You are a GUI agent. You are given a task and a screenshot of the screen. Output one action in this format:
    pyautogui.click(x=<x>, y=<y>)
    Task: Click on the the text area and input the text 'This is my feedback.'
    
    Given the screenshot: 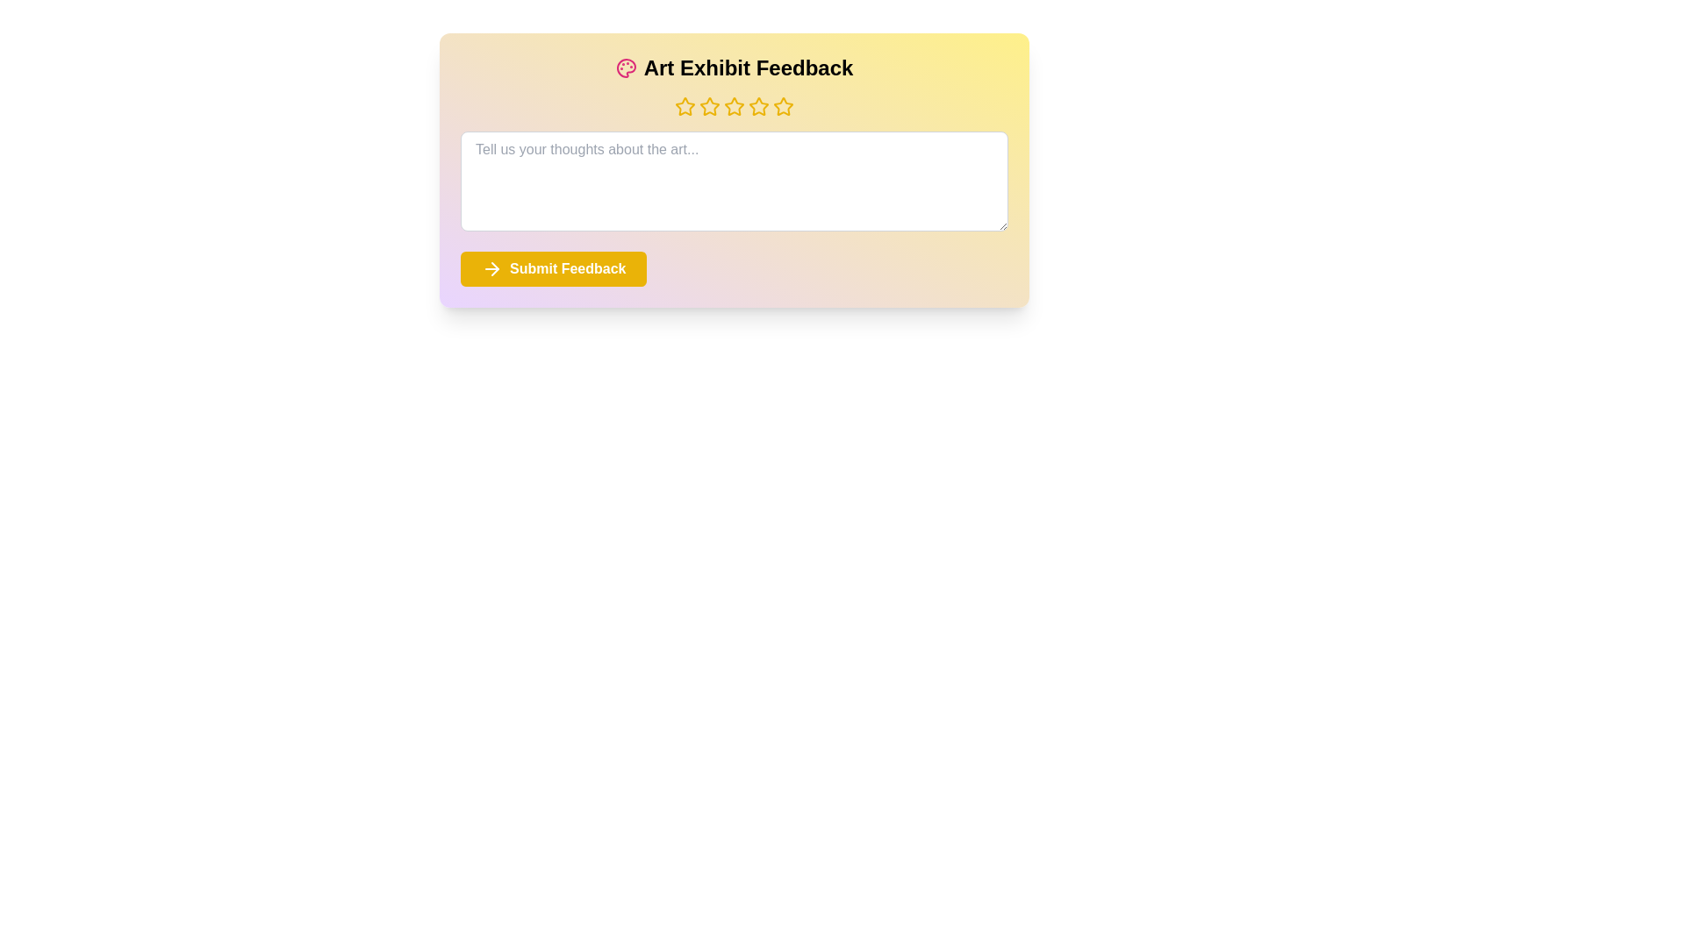 What is the action you would take?
    pyautogui.click(x=734, y=182)
    